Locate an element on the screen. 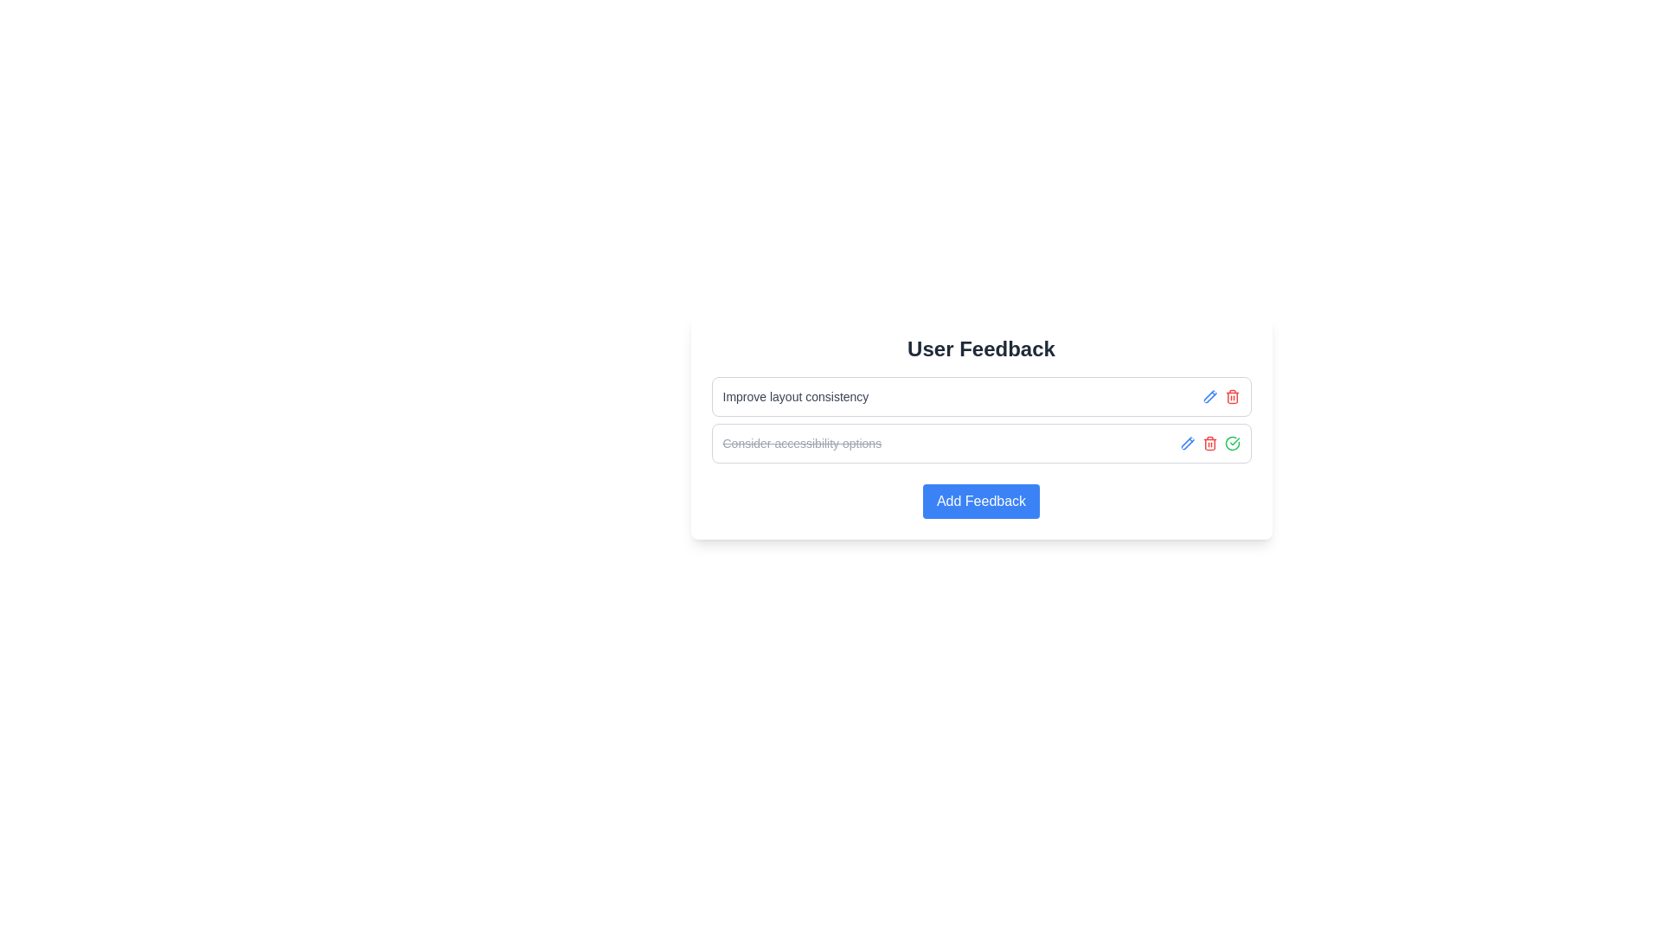 The width and height of the screenshot is (1661, 934). the red trash bin icon located in the Icon group next to the text 'Consider accessibility options' is located at coordinates (1209, 443).